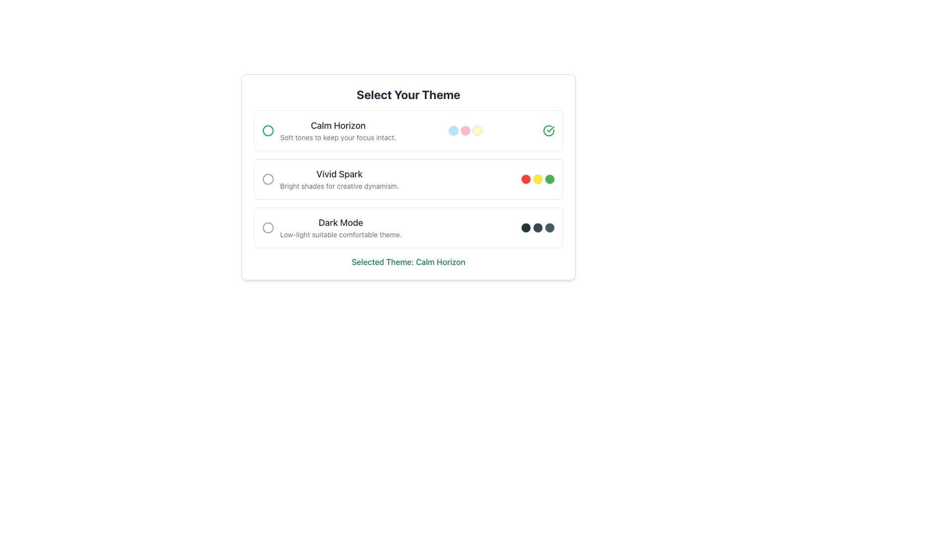 Image resolution: width=952 pixels, height=535 pixels. I want to click on the radio circle associated with the 'Dark Mode' theme option, so click(332, 227).